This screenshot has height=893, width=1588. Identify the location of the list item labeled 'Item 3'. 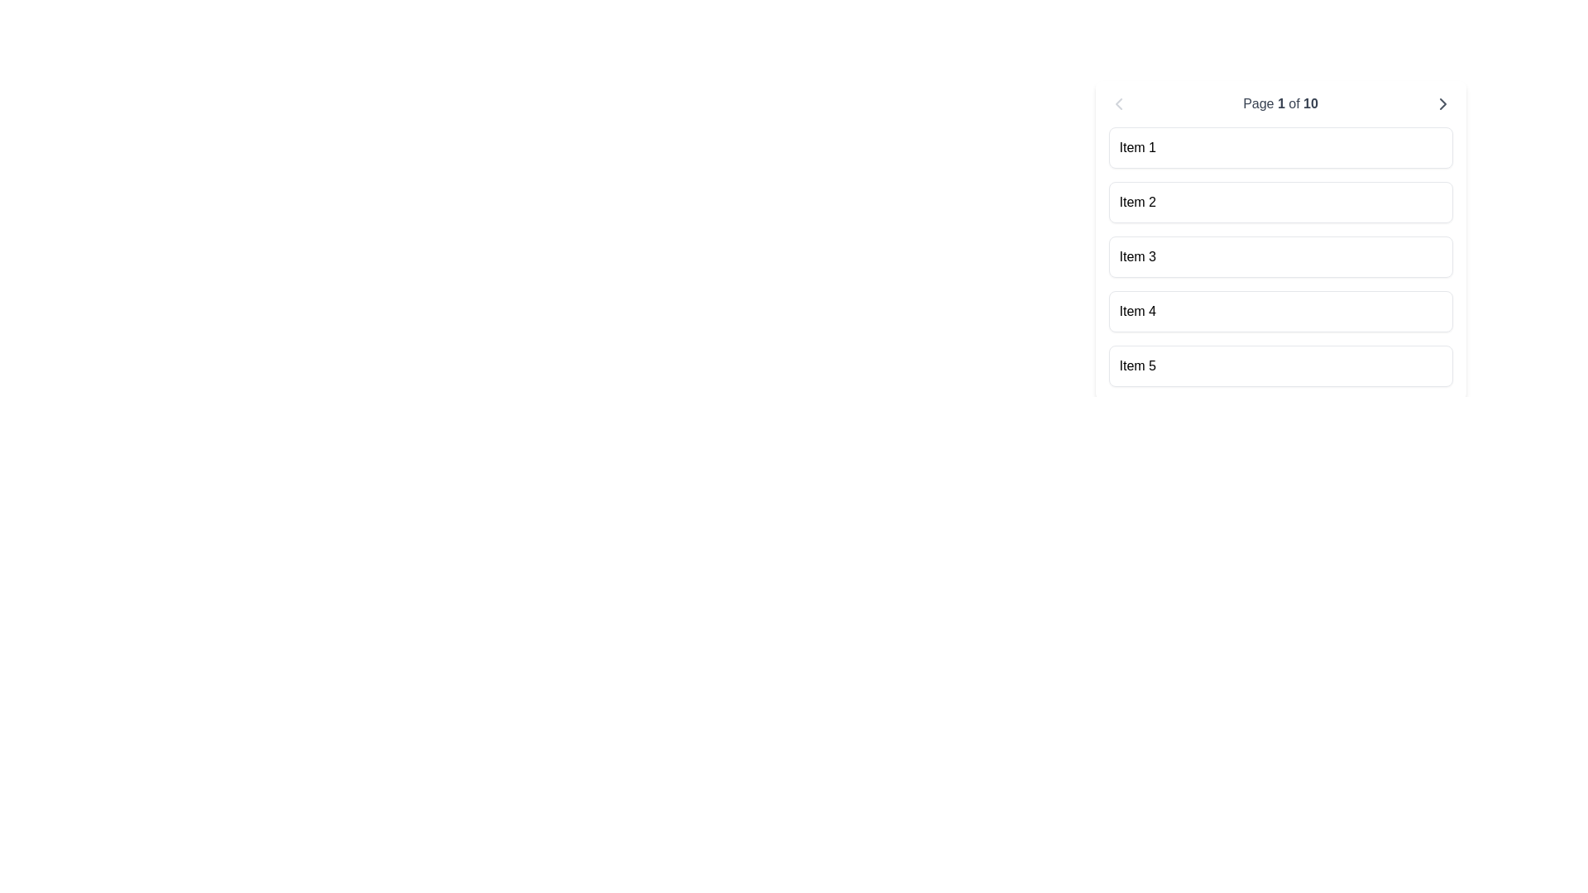
(1279, 240).